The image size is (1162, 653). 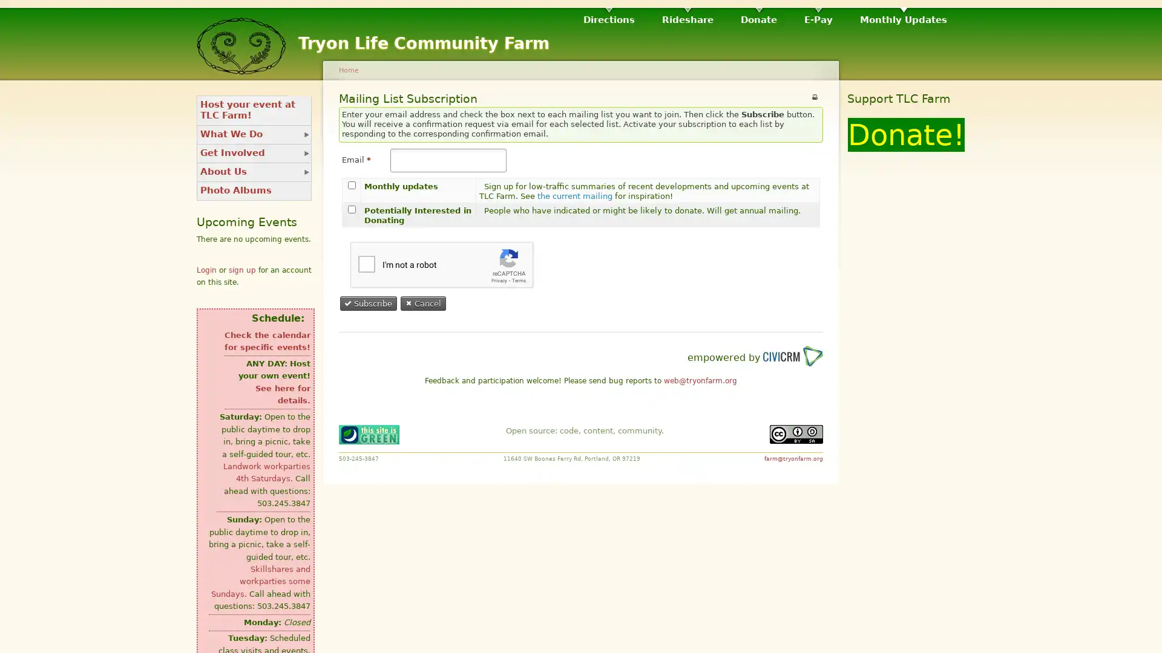 I want to click on Cancel, so click(x=424, y=302).